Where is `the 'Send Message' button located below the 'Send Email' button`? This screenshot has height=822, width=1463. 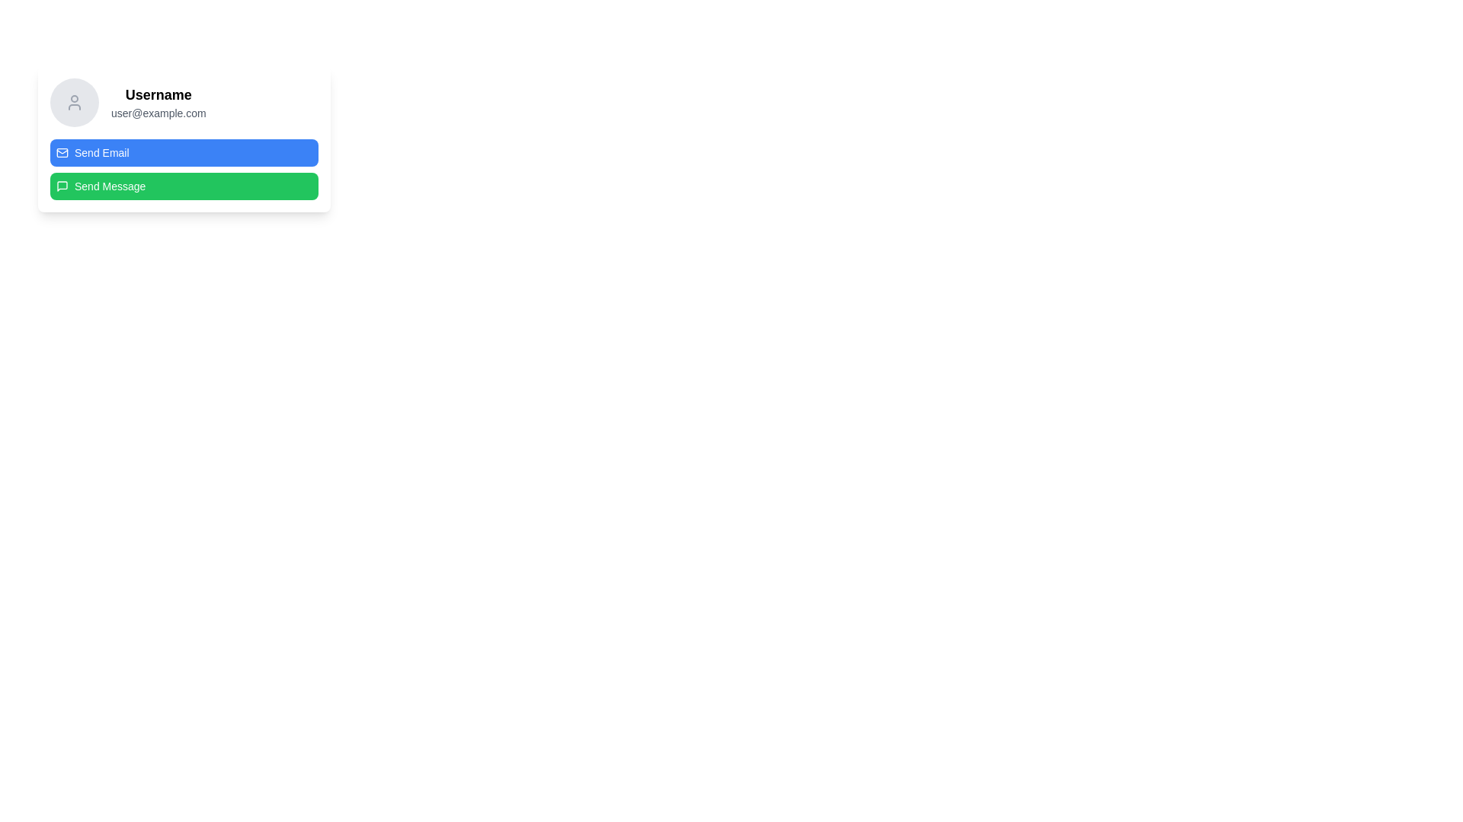 the 'Send Message' button located below the 'Send Email' button is located at coordinates (183, 186).